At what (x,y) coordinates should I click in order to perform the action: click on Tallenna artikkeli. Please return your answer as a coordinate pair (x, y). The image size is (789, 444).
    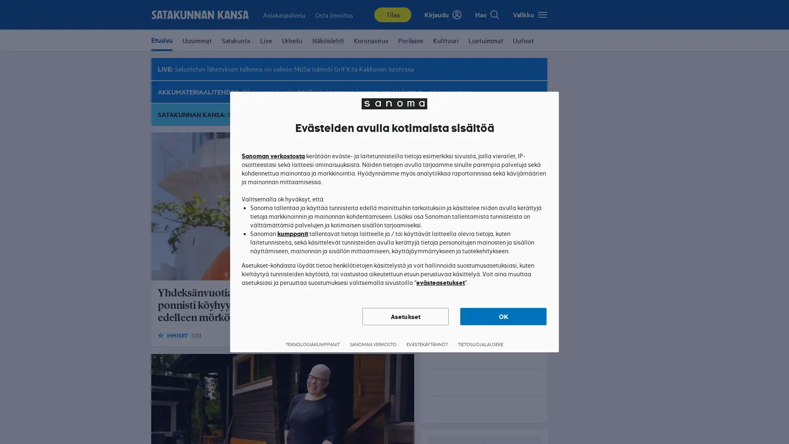
    Looking at the image, I should click on (402, 335).